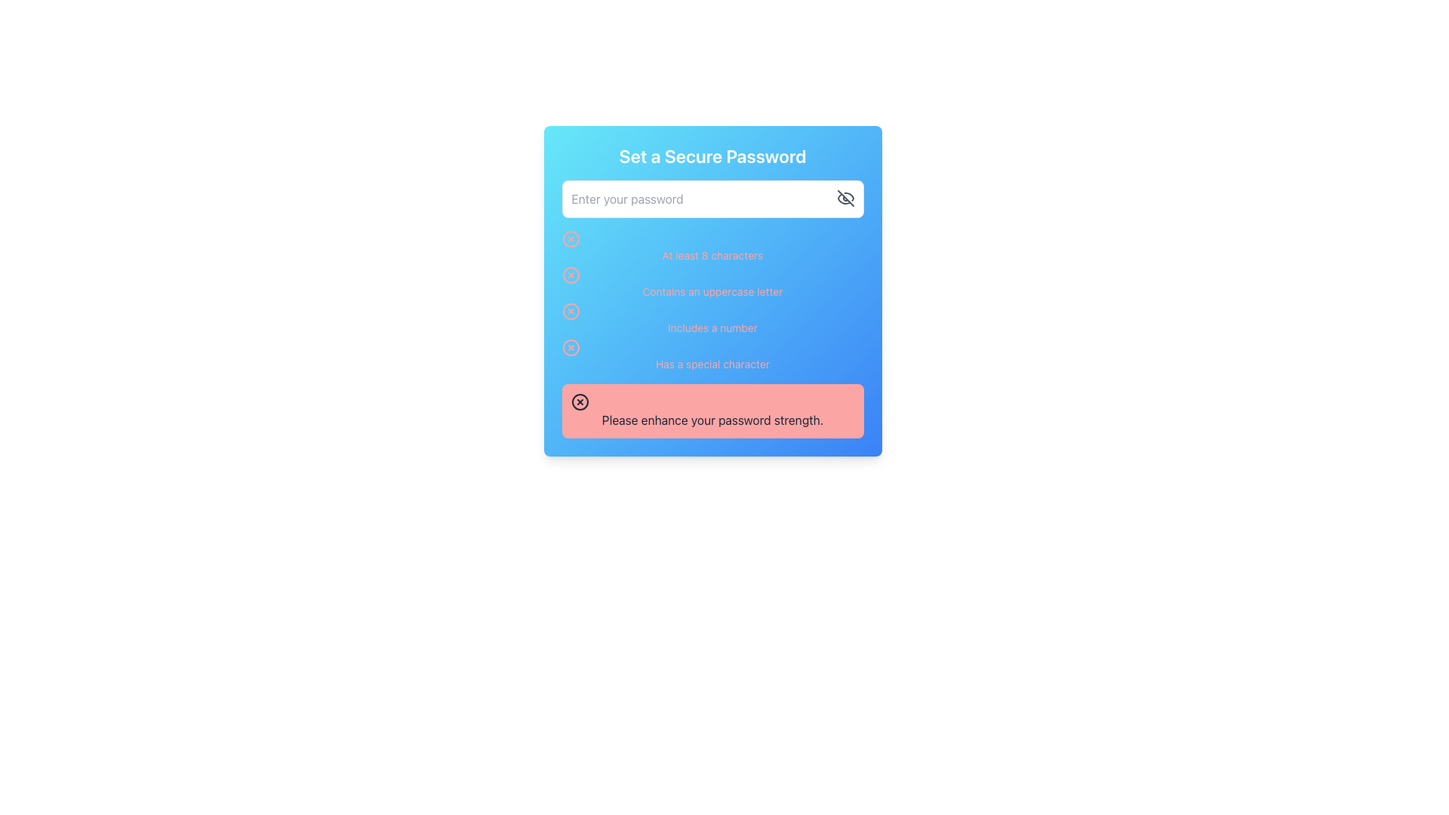 This screenshot has height=815, width=1449. Describe the element at coordinates (712, 246) in the screenshot. I see `the text element displaying 'At least 8 characters' with a red icon to the left, located just below the password input field in the password strength checker section` at that location.